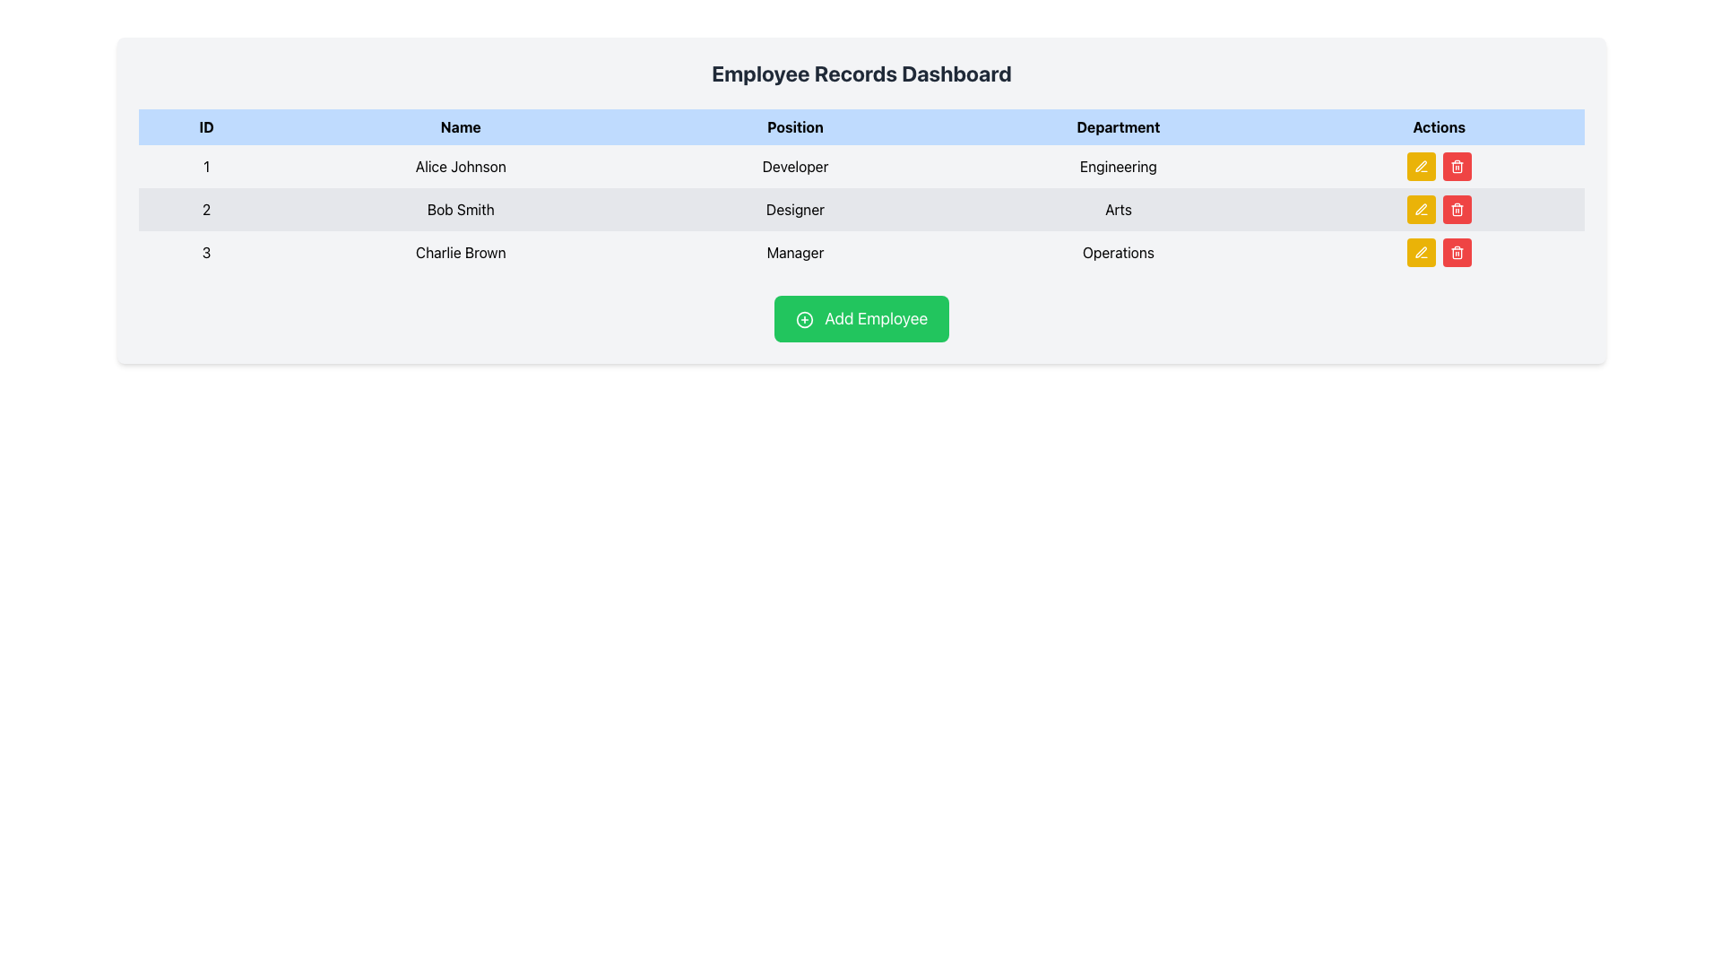 Image resolution: width=1721 pixels, height=968 pixels. I want to click on the delete button in the 'Actions' column for the row corresponding to 'Bob Smith', so click(1457, 209).